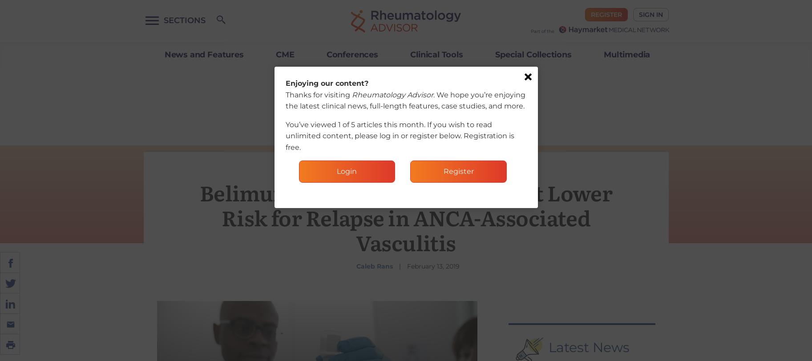  What do you see at coordinates (399, 135) in the screenshot?
I see `'You’ve viewed 1 of 5 articles this month. If you wish to read unlimited content, please log in or register below. Registration is free.'` at bounding box center [399, 135].